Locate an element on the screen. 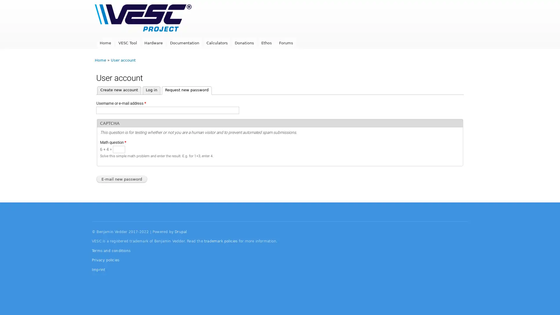 Image resolution: width=560 pixels, height=315 pixels. E-mail new password is located at coordinates (121, 179).